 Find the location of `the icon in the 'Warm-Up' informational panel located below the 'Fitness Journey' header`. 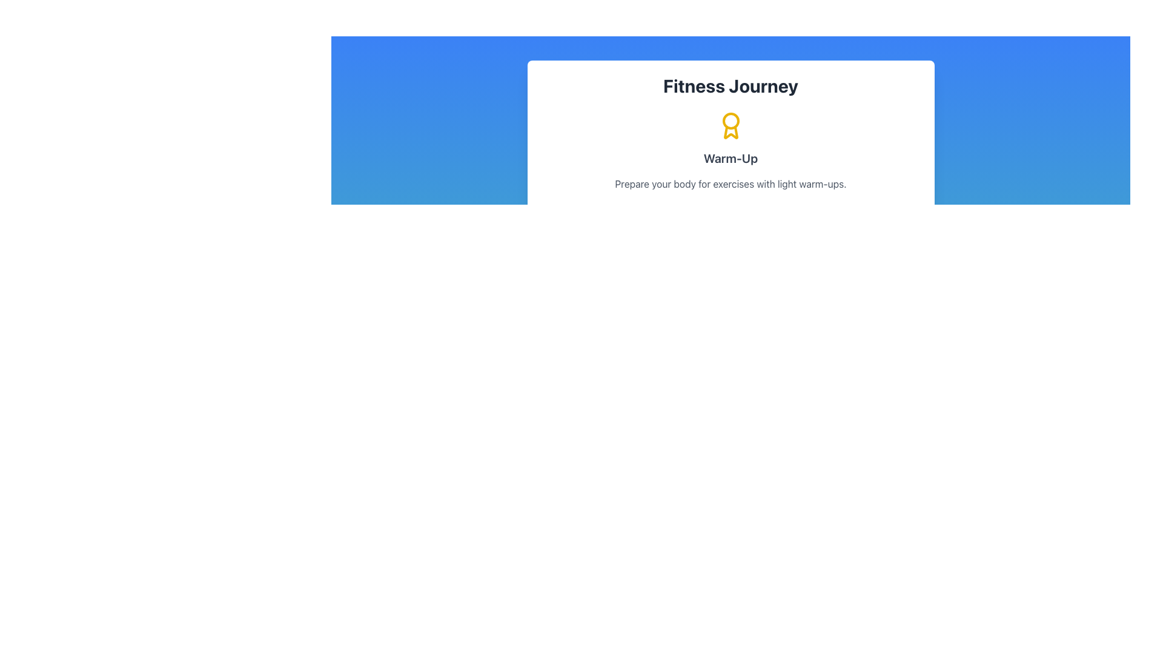

the icon in the 'Warm-Up' informational panel located below the 'Fitness Journey' header is located at coordinates (730, 151).